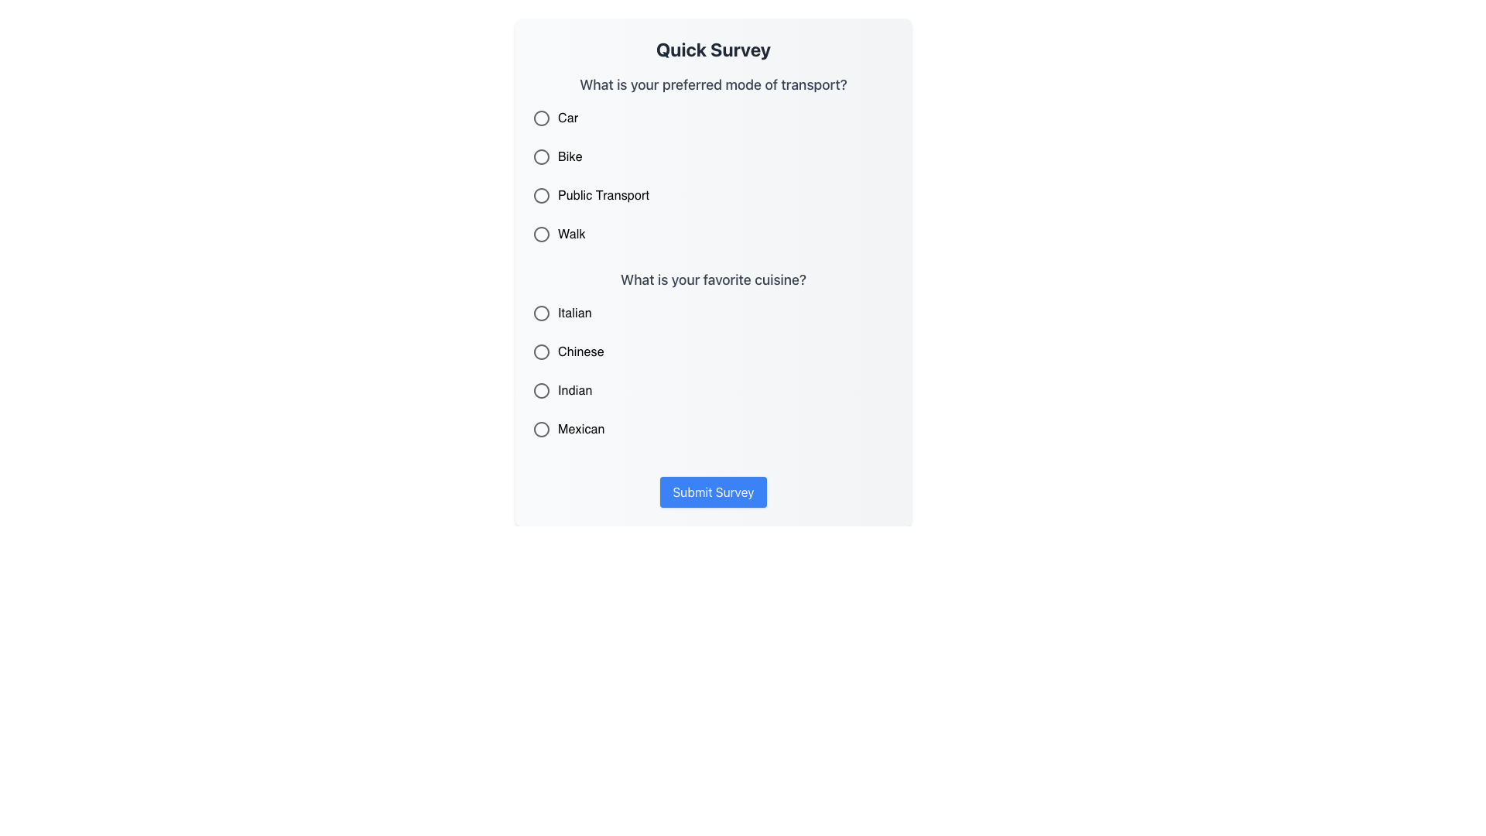  I want to click on the selected radio button for 'Walk', which is the fourth radio button in the group for the question 'What is your preferred mode of transport?', so click(542, 235).